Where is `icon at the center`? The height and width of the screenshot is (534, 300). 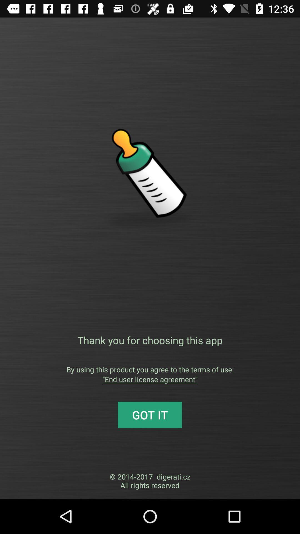
icon at the center is located at coordinates (150, 340).